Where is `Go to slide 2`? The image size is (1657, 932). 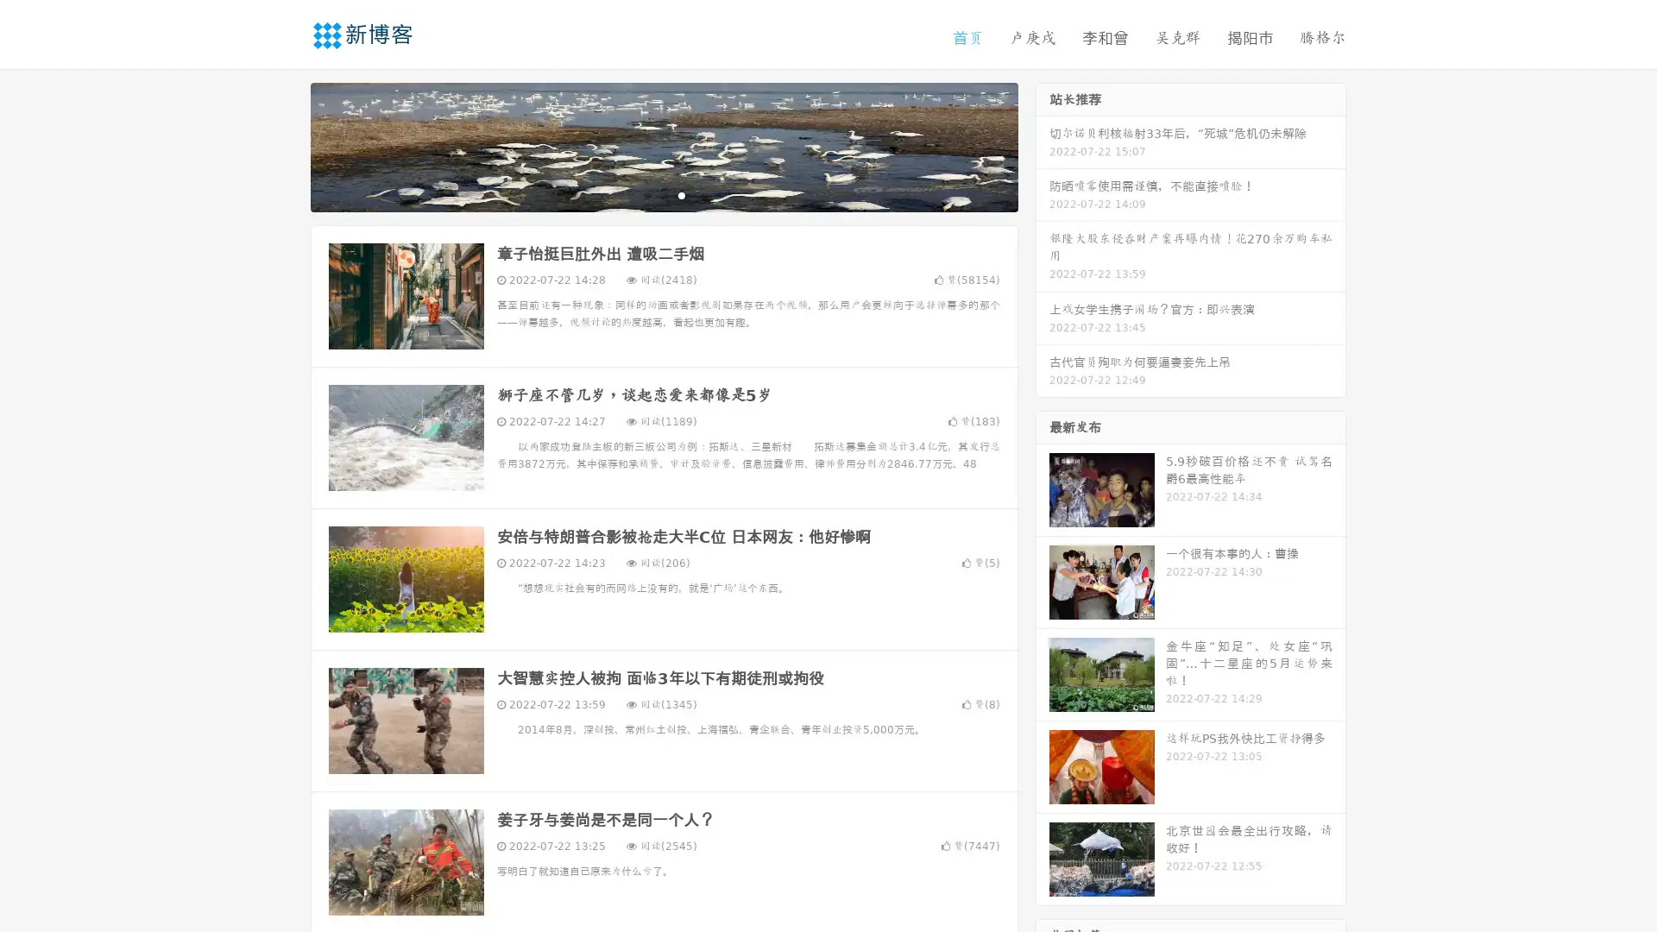
Go to slide 2 is located at coordinates (663, 194).